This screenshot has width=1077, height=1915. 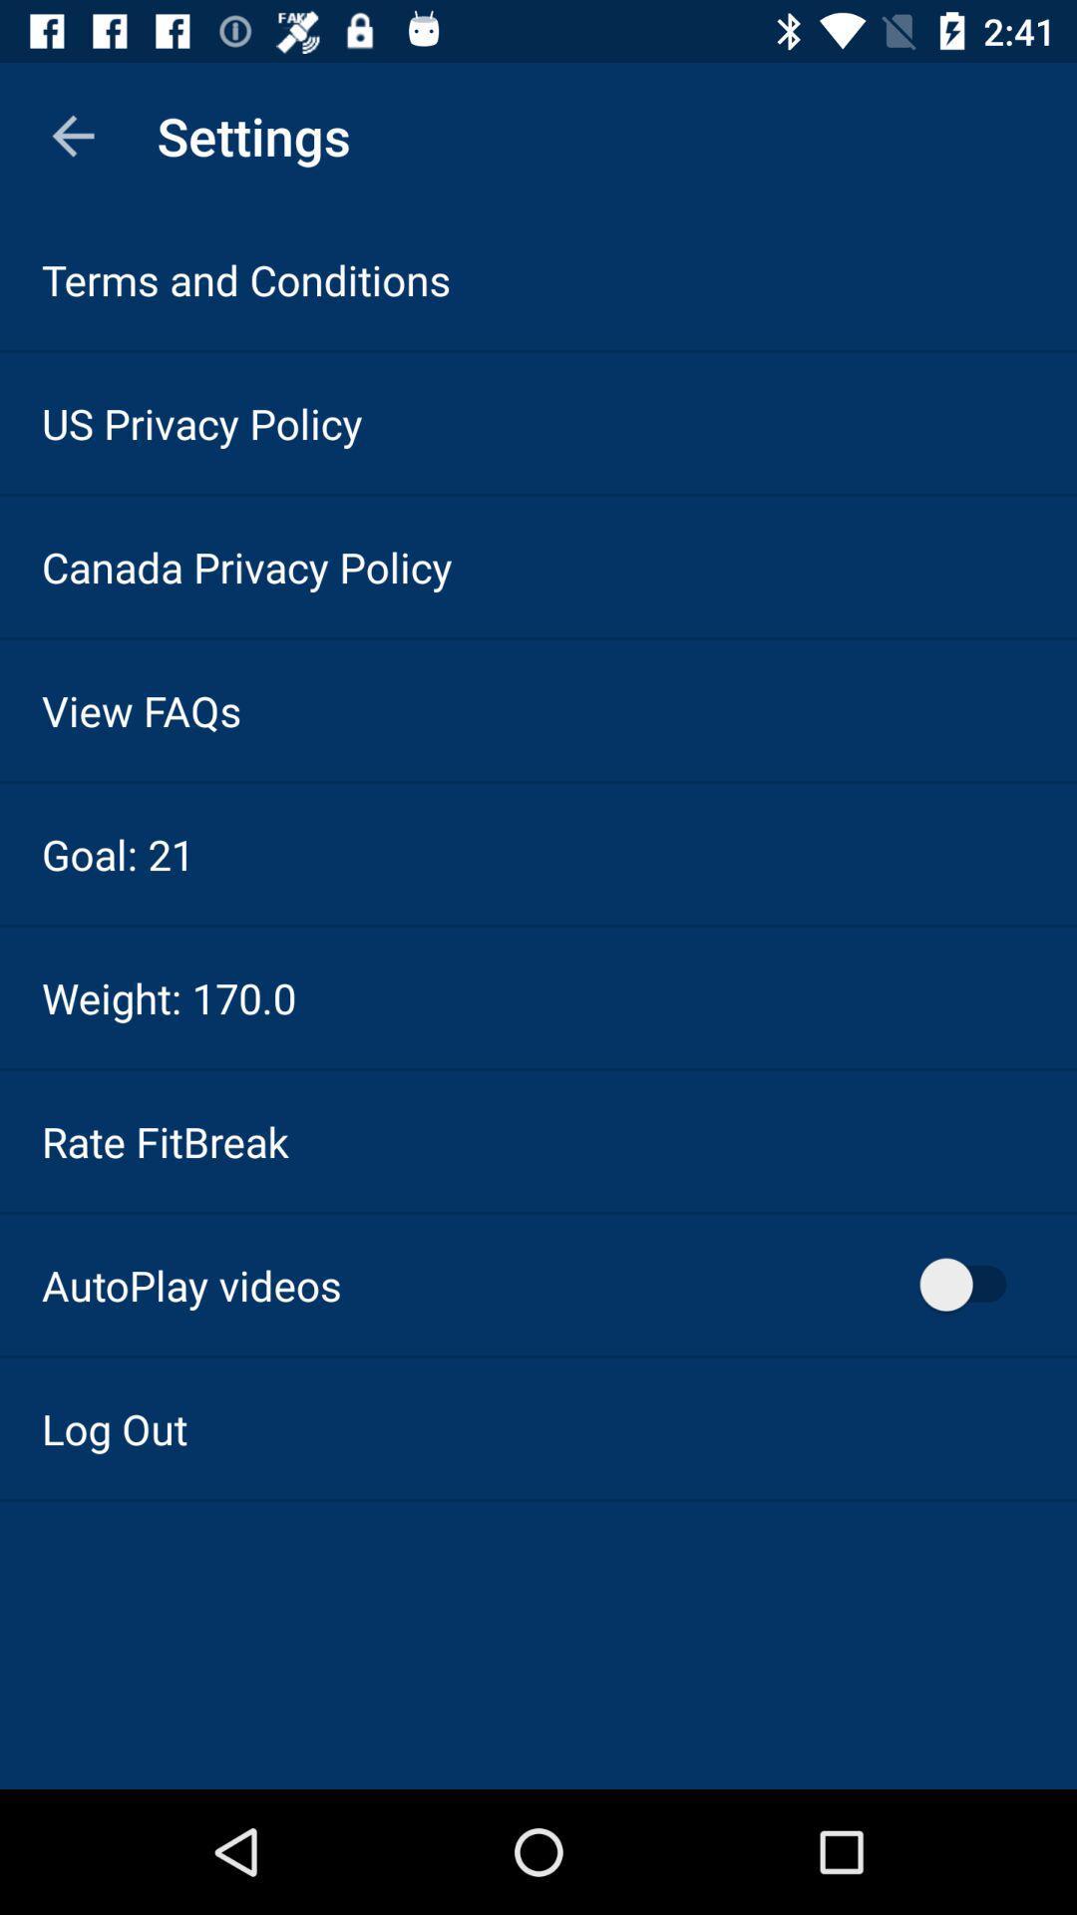 What do you see at coordinates (168, 997) in the screenshot?
I see `weight: 170.0` at bounding box center [168, 997].